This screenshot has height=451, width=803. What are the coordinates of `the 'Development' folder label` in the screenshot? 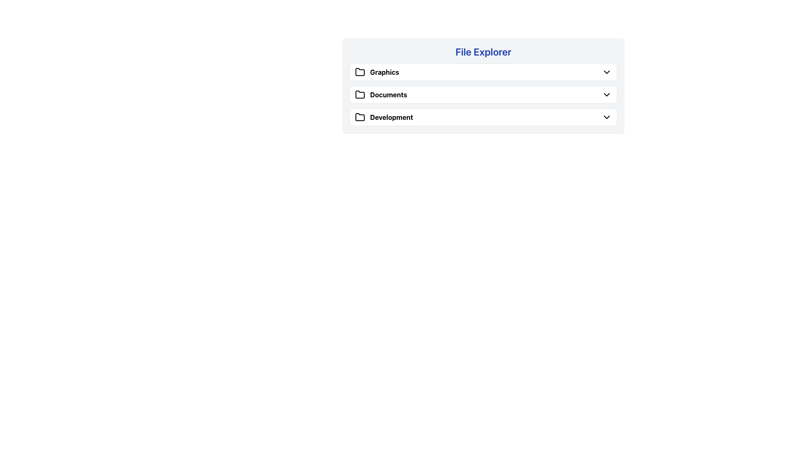 It's located at (391, 117).